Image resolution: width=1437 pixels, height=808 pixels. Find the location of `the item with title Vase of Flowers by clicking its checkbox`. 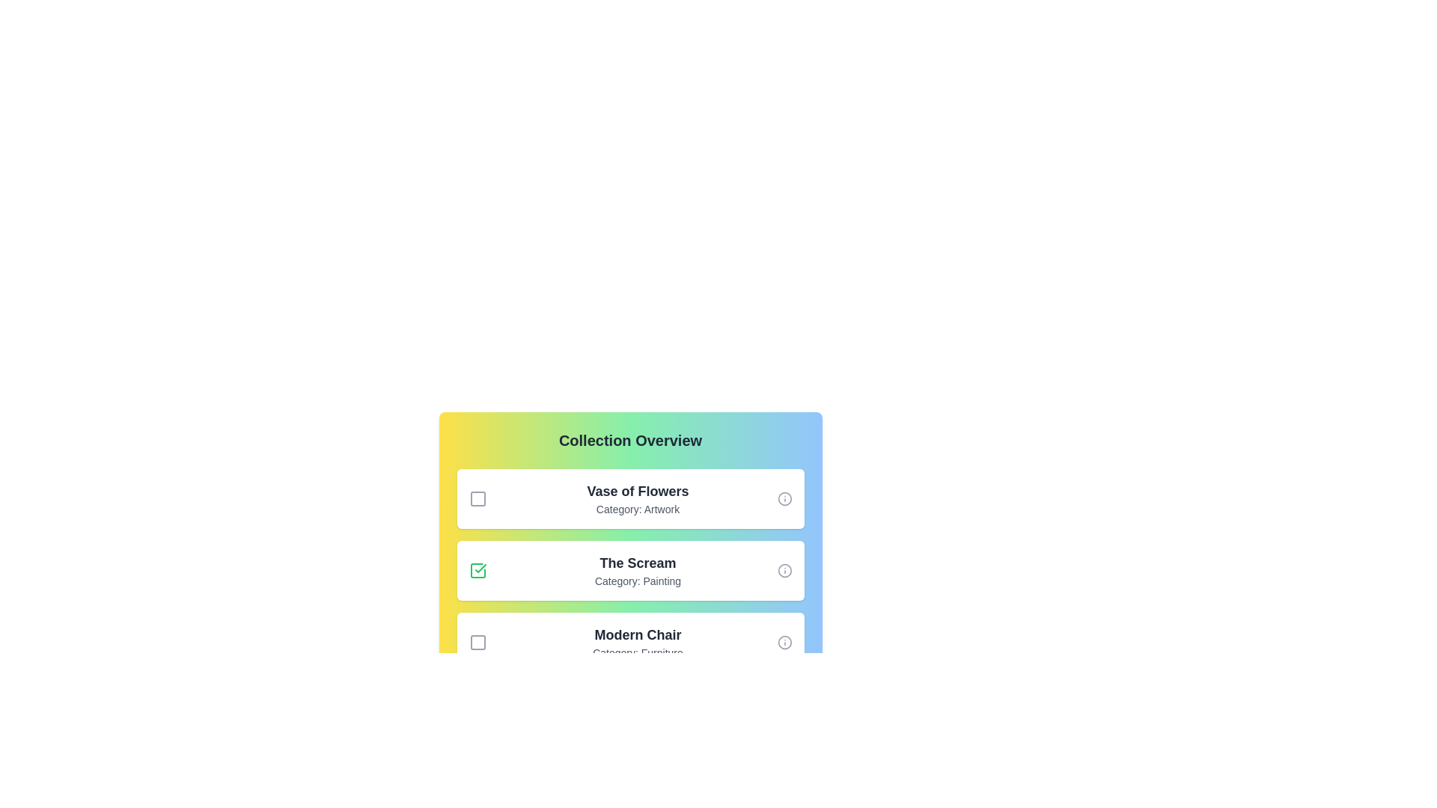

the item with title Vase of Flowers by clicking its checkbox is located at coordinates (477, 499).